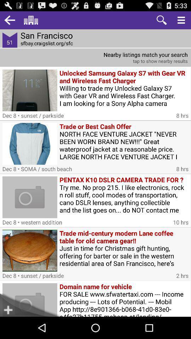 This screenshot has width=191, height=339. What do you see at coordinates (9, 20) in the screenshot?
I see `go back` at bounding box center [9, 20].